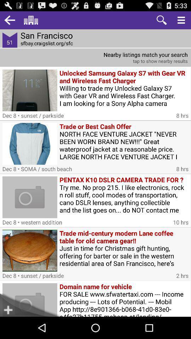 This screenshot has width=191, height=339. What do you see at coordinates (9, 20) in the screenshot?
I see `go back` at bounding box center [9, 20].